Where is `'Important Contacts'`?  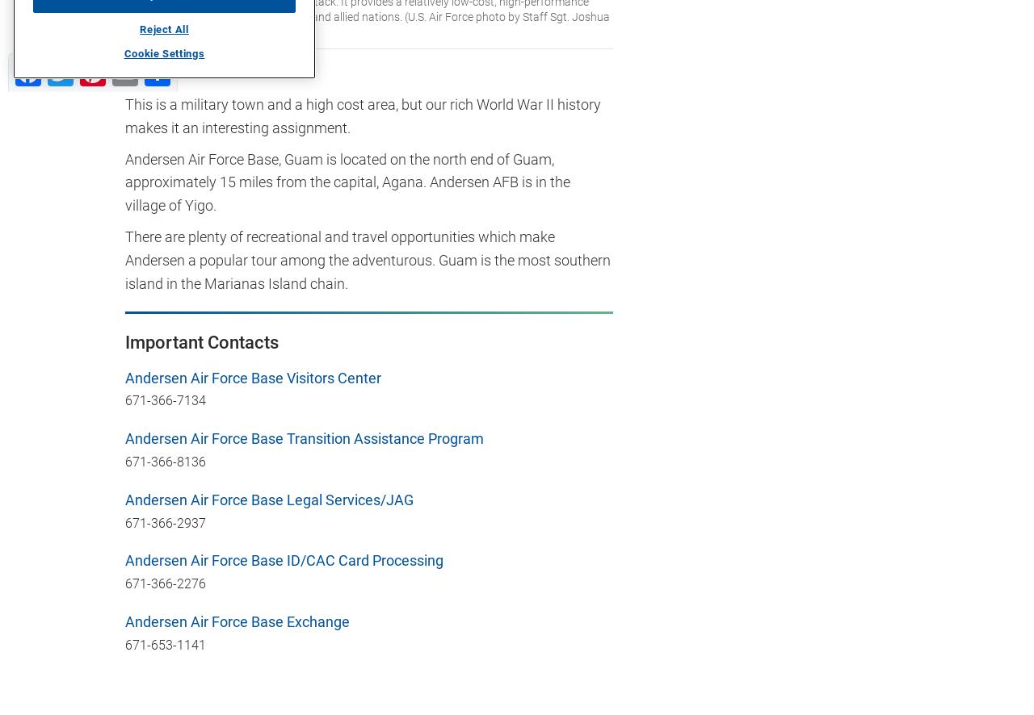
'Important Contacts' is located at coordinates (124, 341).